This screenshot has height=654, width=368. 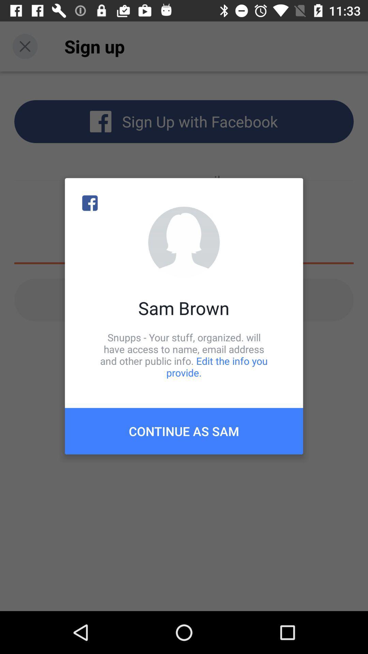 What do you see at coordinates (184, 431) in the screenshot?
I see `continue as sam icon` at bounding box center [184, 431].